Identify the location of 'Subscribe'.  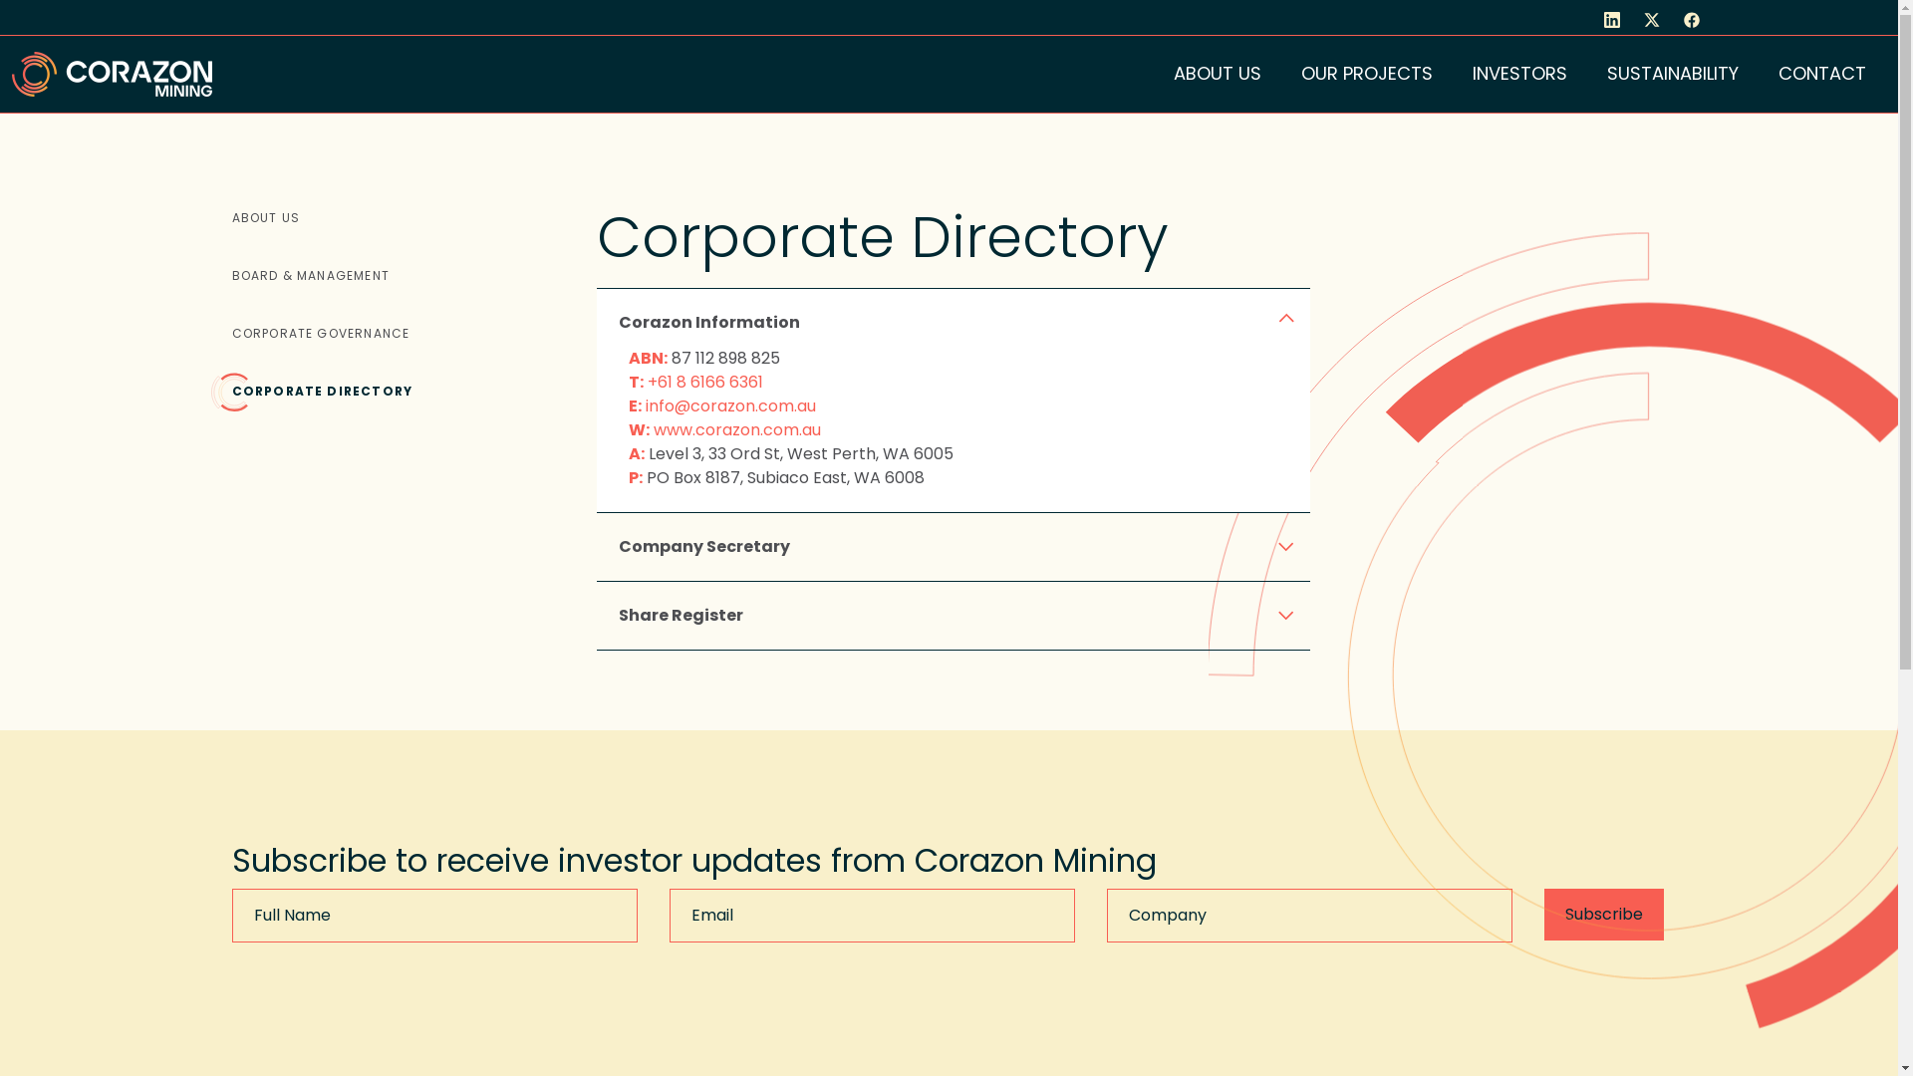
(1543, 915).